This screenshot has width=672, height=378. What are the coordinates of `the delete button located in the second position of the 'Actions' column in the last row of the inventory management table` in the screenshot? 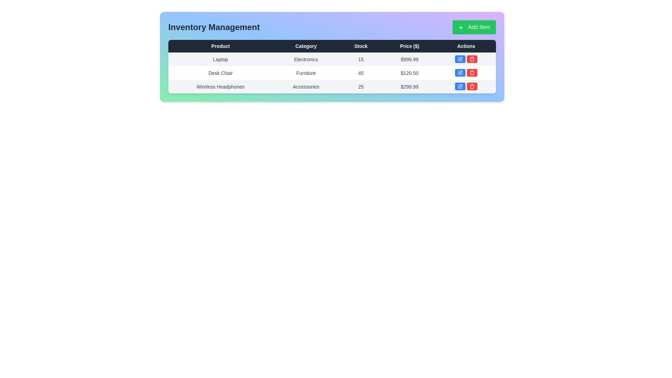 It's located at (472, 86).